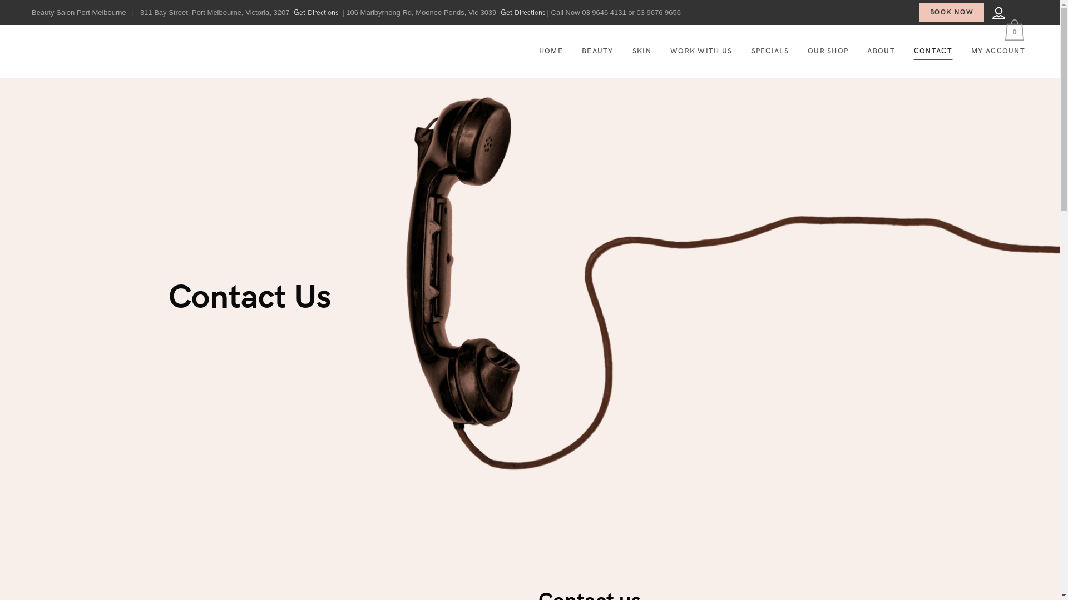 The image size is (1068, 600). Describe the element at coordinates (1017, 29) in the screenshot. I see `'0'` at that location.